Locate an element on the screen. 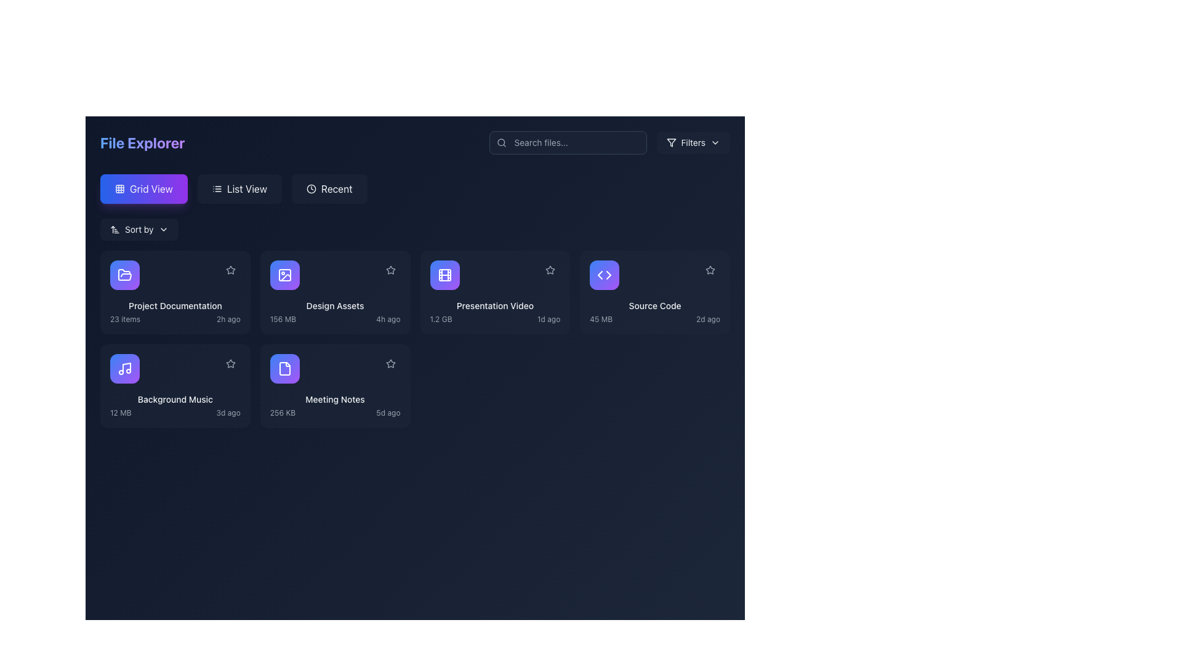 Image resolution: width=1182 pixels, height=665 pixels. the favoriting icon located to the right within the 'Project Documentation' card is located at coordinates (230, 270).